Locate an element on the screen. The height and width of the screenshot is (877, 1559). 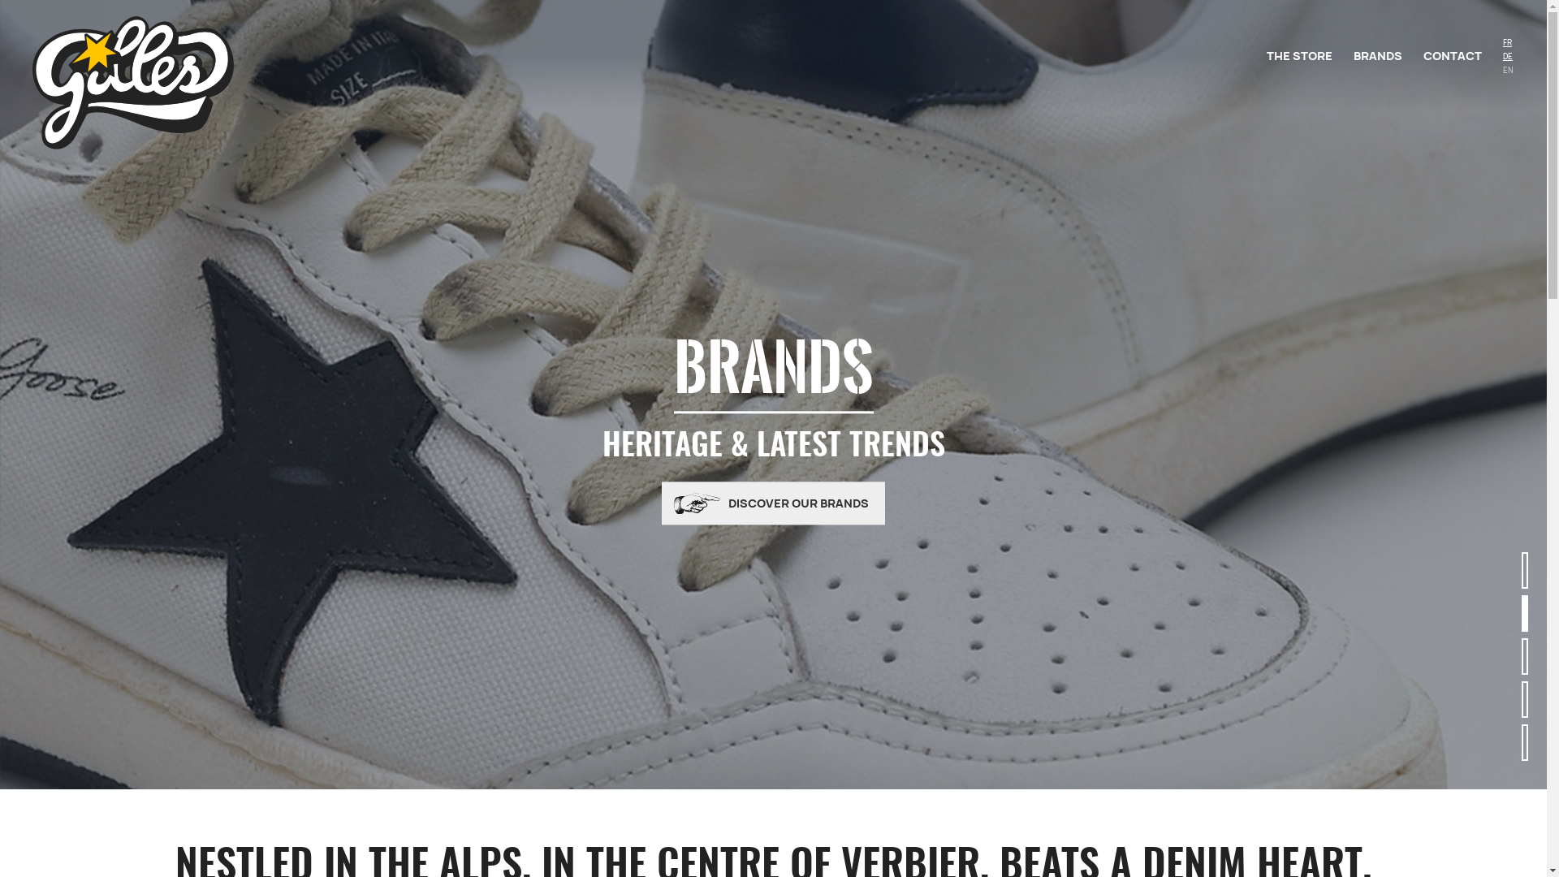
'DISCOVER OUR BRANDS' is located at coordinates (772, 502).